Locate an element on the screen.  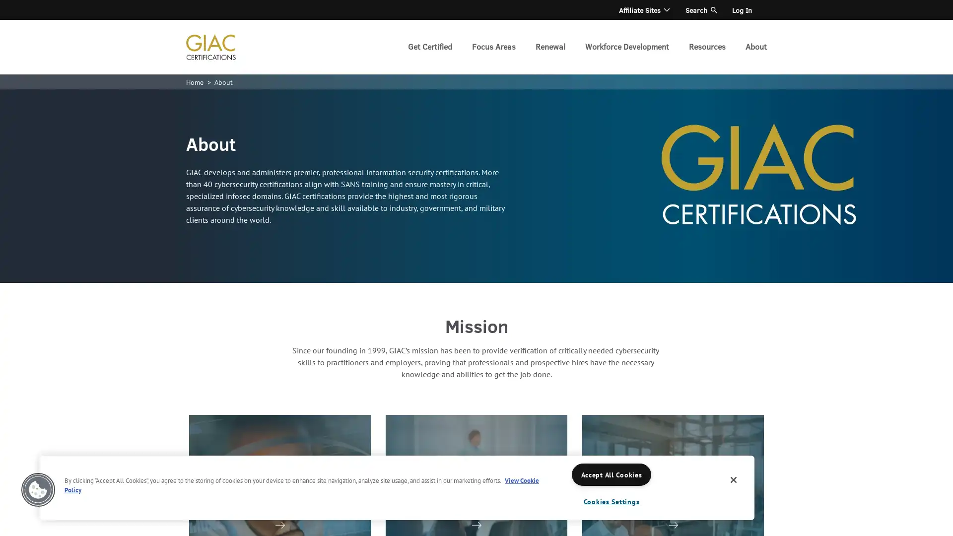
Cookies Settings is located at coordinates (611, 501).